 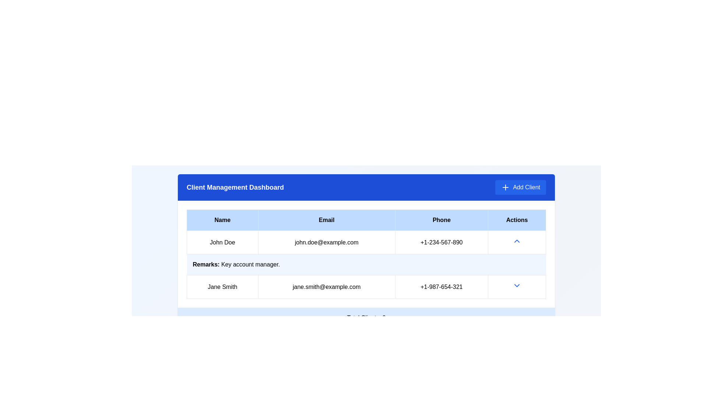 What do you see at coordinates (442, 242) in the screenshot?
I see `the phone number display field showing '+1-234-567-890' for 'John Doe' in the 'Client Management Dashboard'` at bounding box center [442, 242].